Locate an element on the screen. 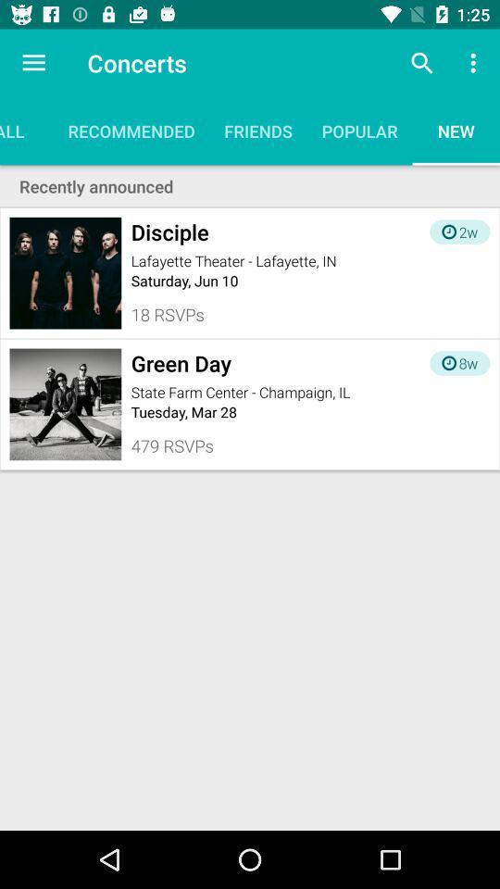 This screenshot has height=889, width=500. icon to the left of the concerts is located at coordinates (33, 63).